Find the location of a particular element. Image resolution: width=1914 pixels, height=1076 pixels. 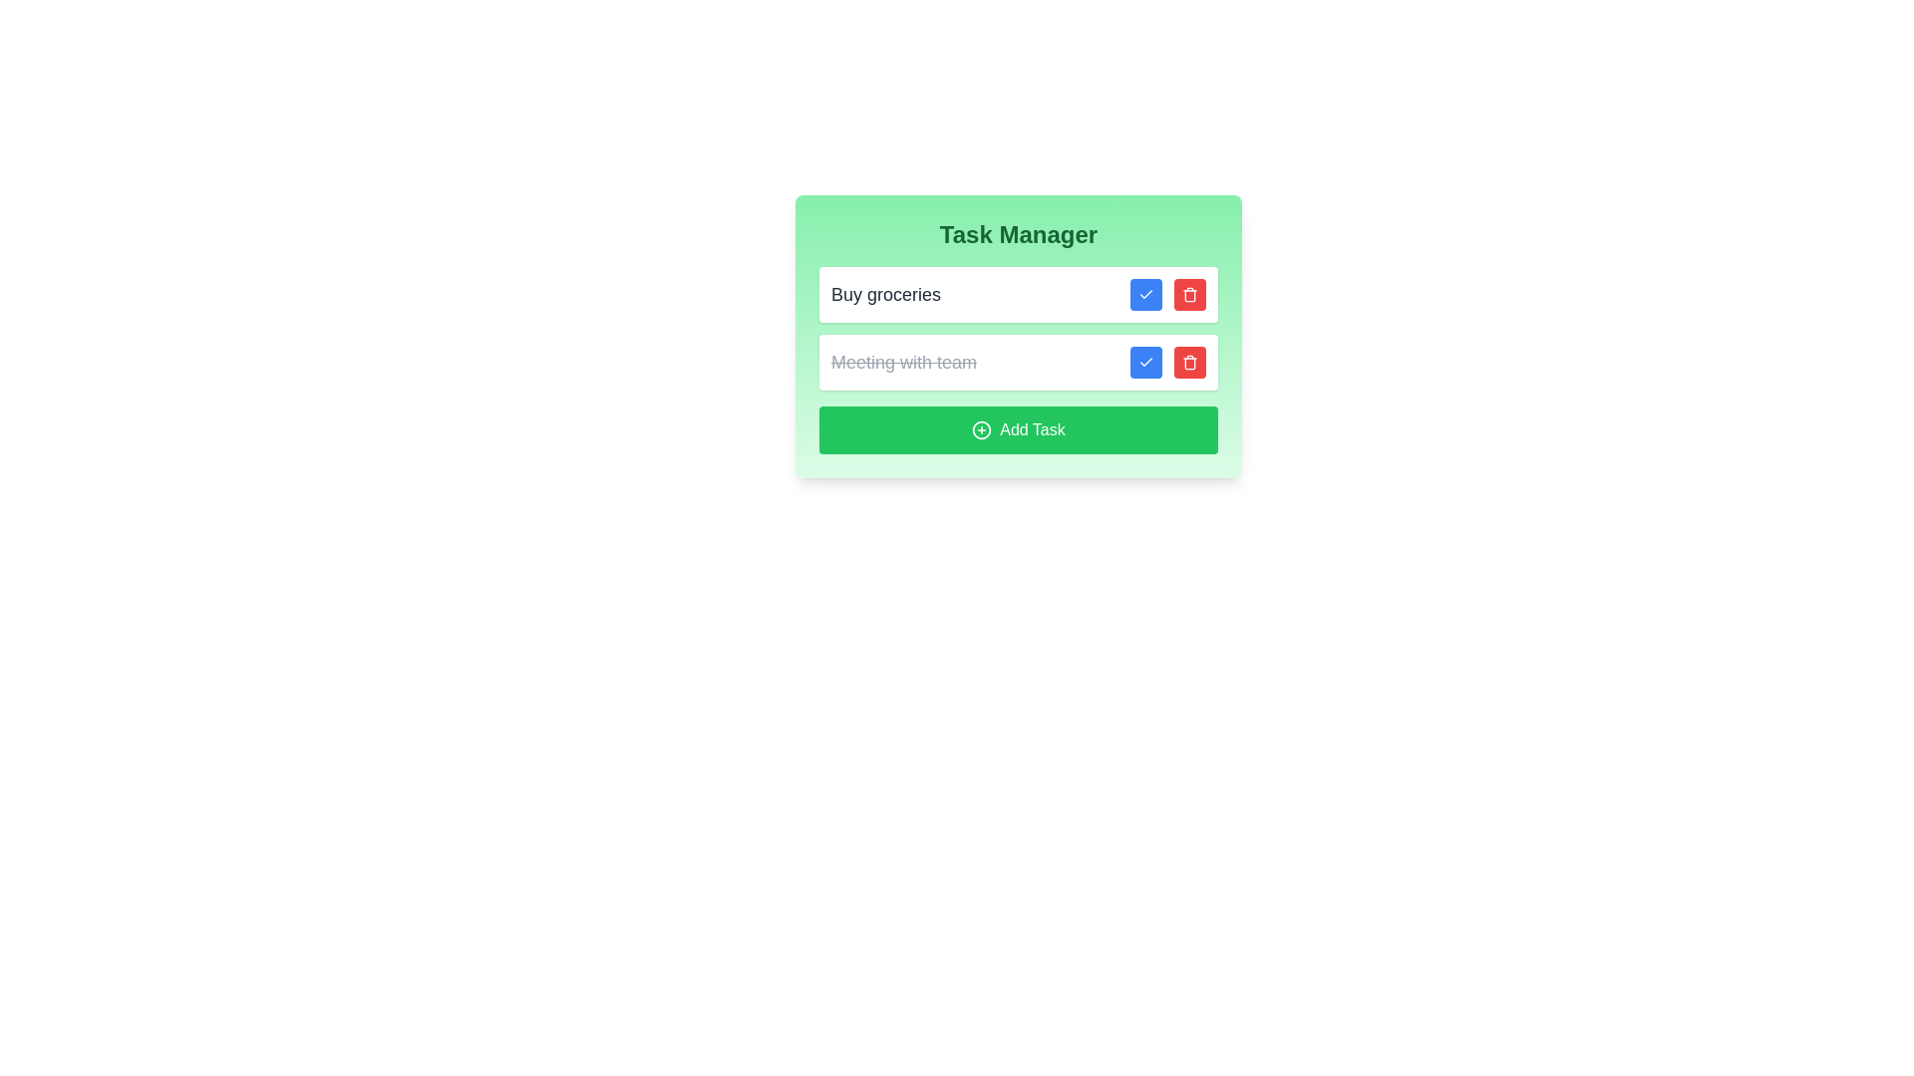

the task completion button located in the second row of interactive buttons, which is the first button in its row is located at coordinates (1146, 362).